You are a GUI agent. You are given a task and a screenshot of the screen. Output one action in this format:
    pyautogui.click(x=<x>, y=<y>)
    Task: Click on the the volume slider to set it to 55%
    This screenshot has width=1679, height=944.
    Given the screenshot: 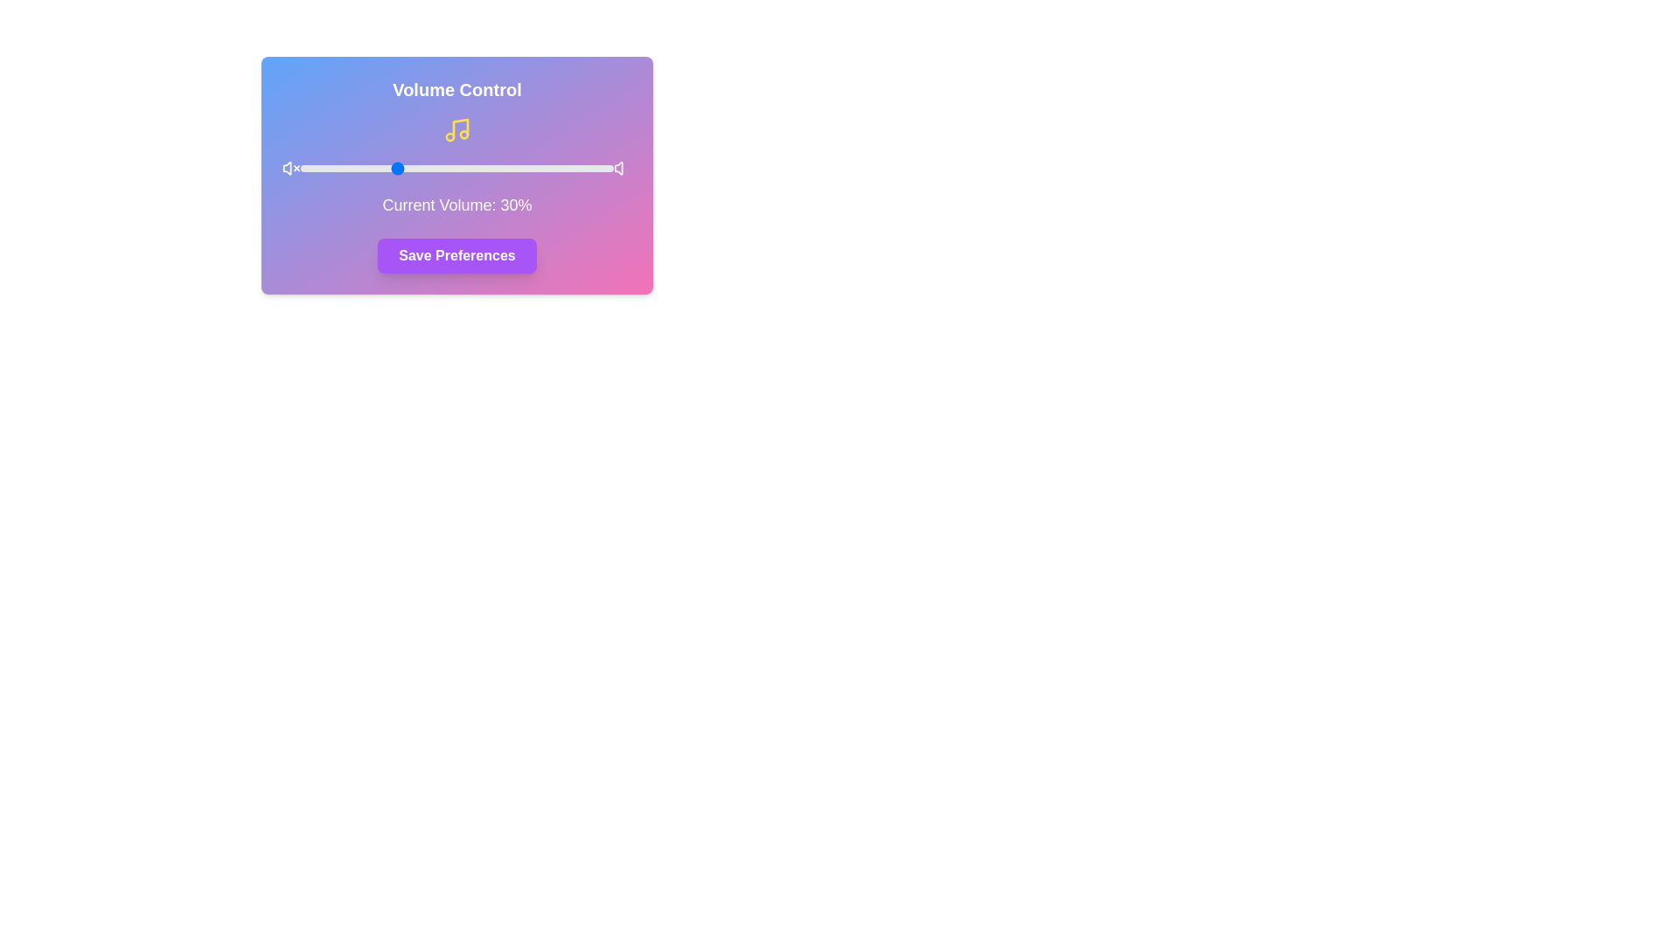 What is the action you would take?
    pyautogui.click(x=472, y=168)
    